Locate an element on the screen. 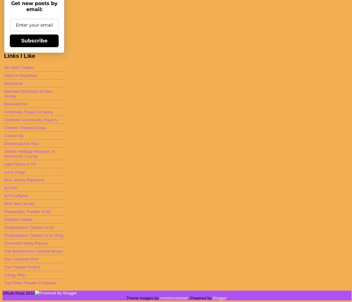 The height and width of the screenshot is (302, 352). 'New Jersey Repertory' is located at coordinates (24, 179).